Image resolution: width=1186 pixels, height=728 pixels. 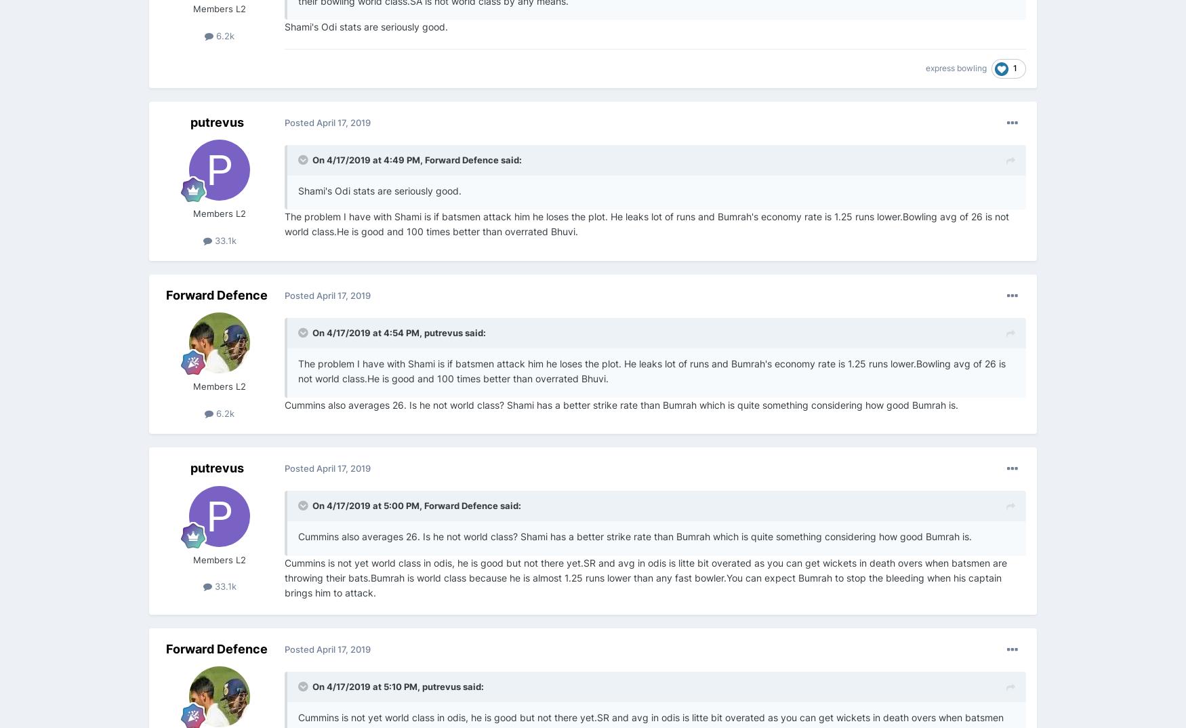 What do you see at coordinates (368, 158) in the screenshot?
I see `'On 4/17/2019 at 4:49 PM,'` at bounding box center [368, 158].